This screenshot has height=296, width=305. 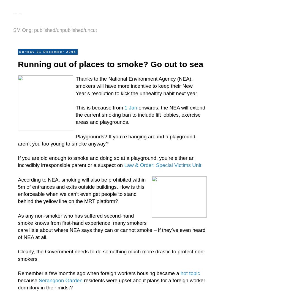 What do you see at coordinates (99, 273) in the screenshot?
I see `'Remember a few months ago when foreign workers housing became a'` at bounding box center [99, 273].